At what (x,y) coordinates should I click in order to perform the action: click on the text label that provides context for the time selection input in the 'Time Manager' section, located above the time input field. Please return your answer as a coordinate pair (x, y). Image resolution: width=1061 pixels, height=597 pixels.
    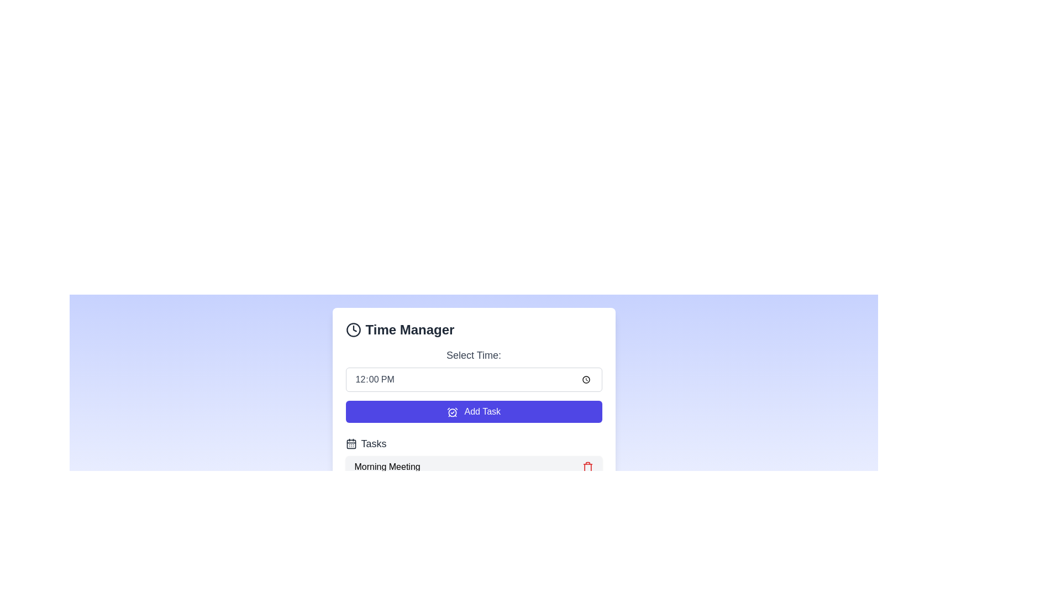
    Looking at the image, I should click on (474, 355).